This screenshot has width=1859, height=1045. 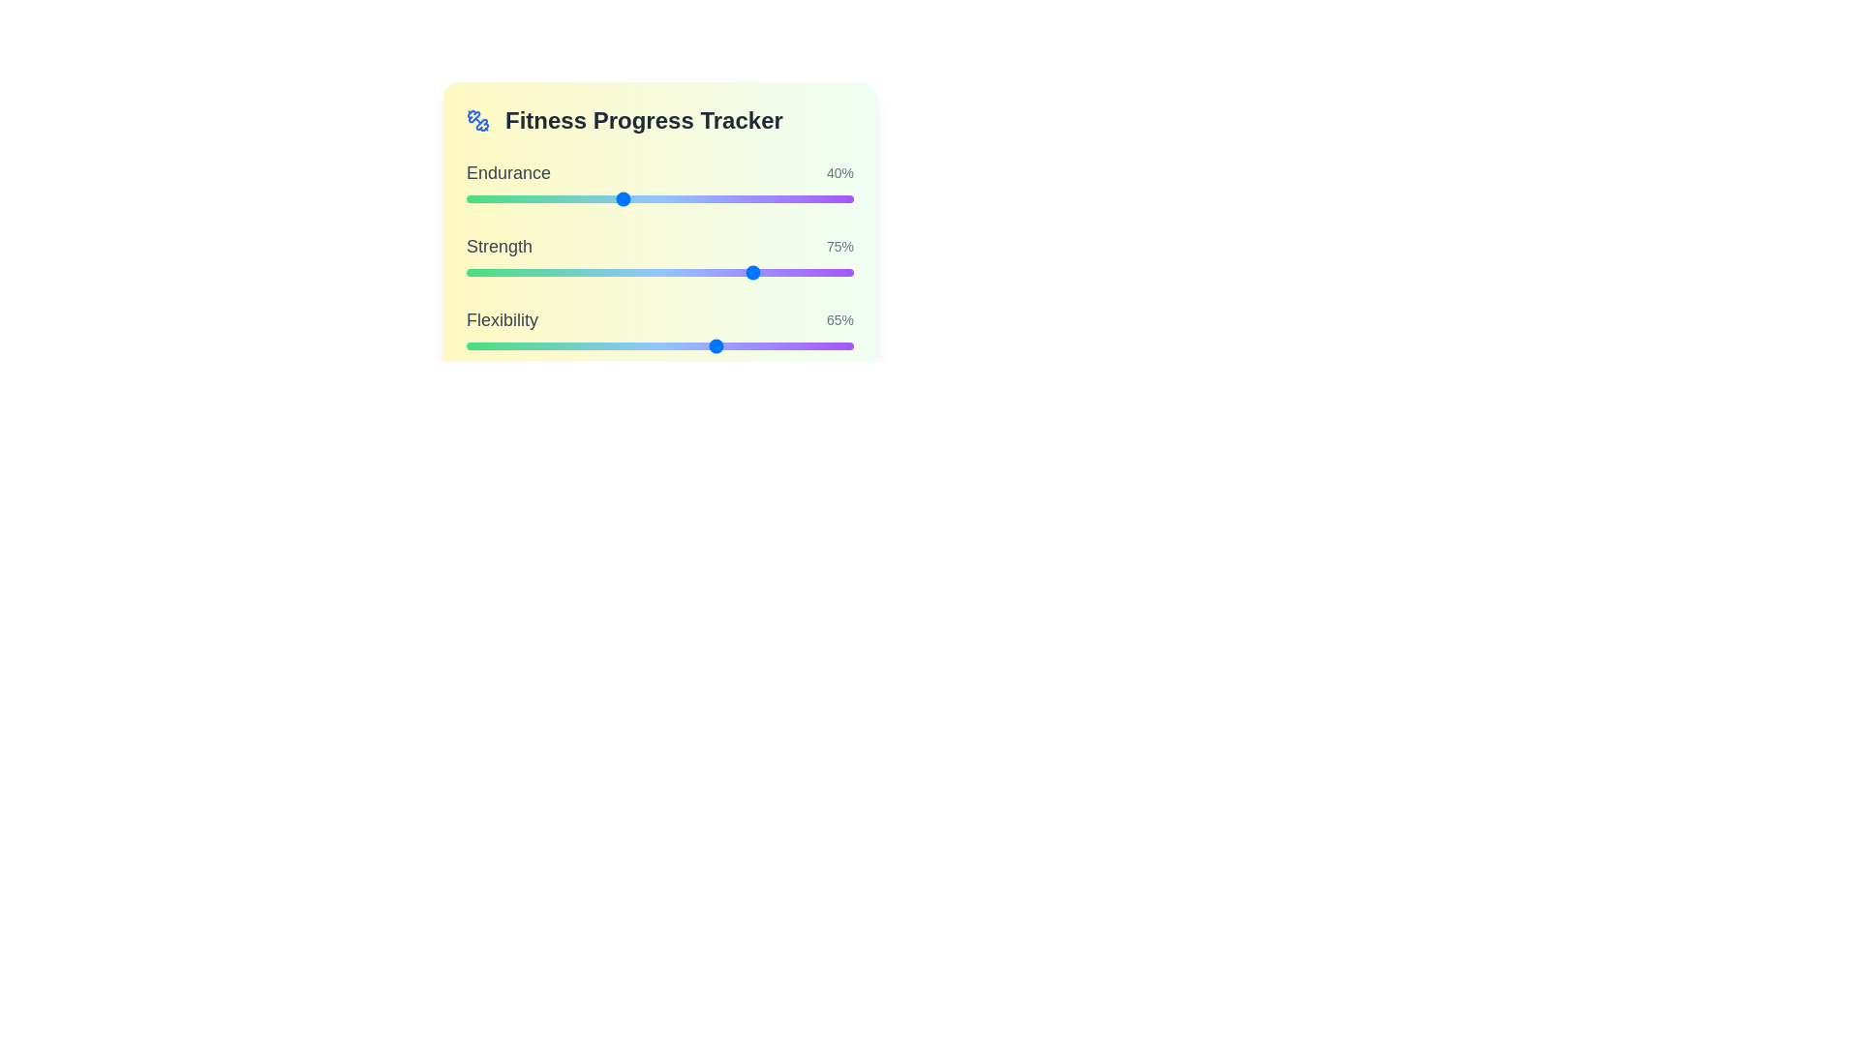 What do you see at coordinates (562, 198) in the screenshot?
I see `endurance` at bounding box center [562, 198].